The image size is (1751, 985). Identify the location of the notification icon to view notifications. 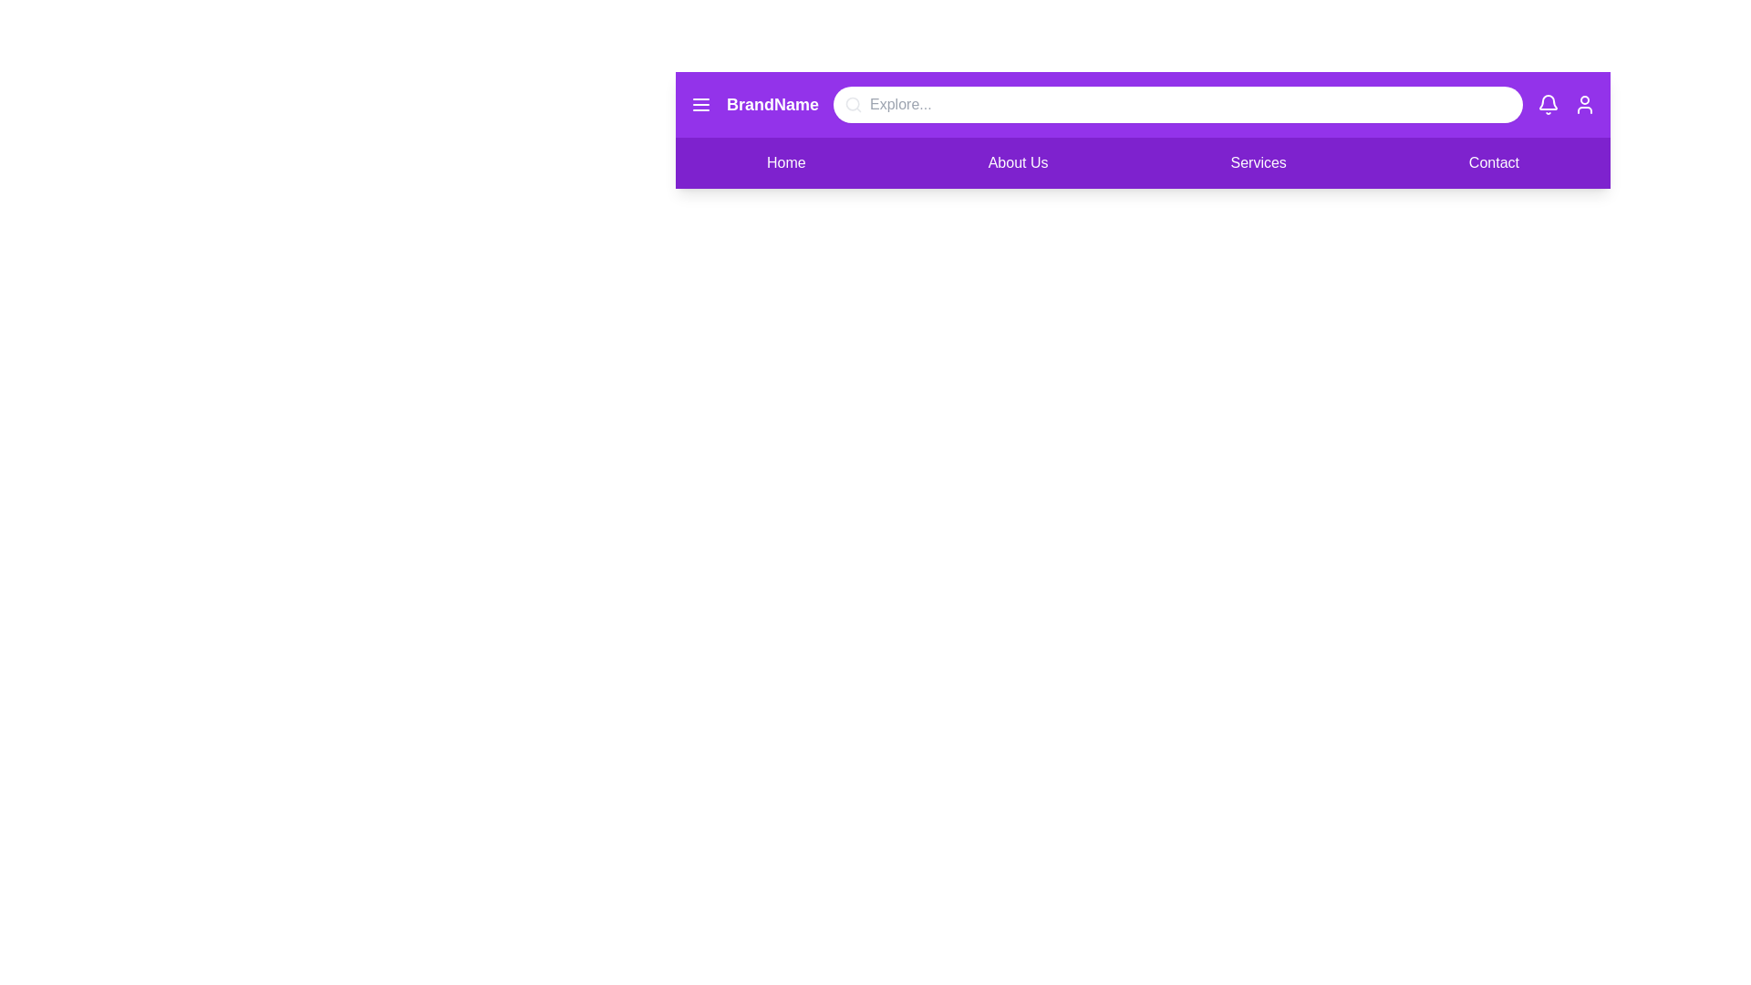
(1548, 105).